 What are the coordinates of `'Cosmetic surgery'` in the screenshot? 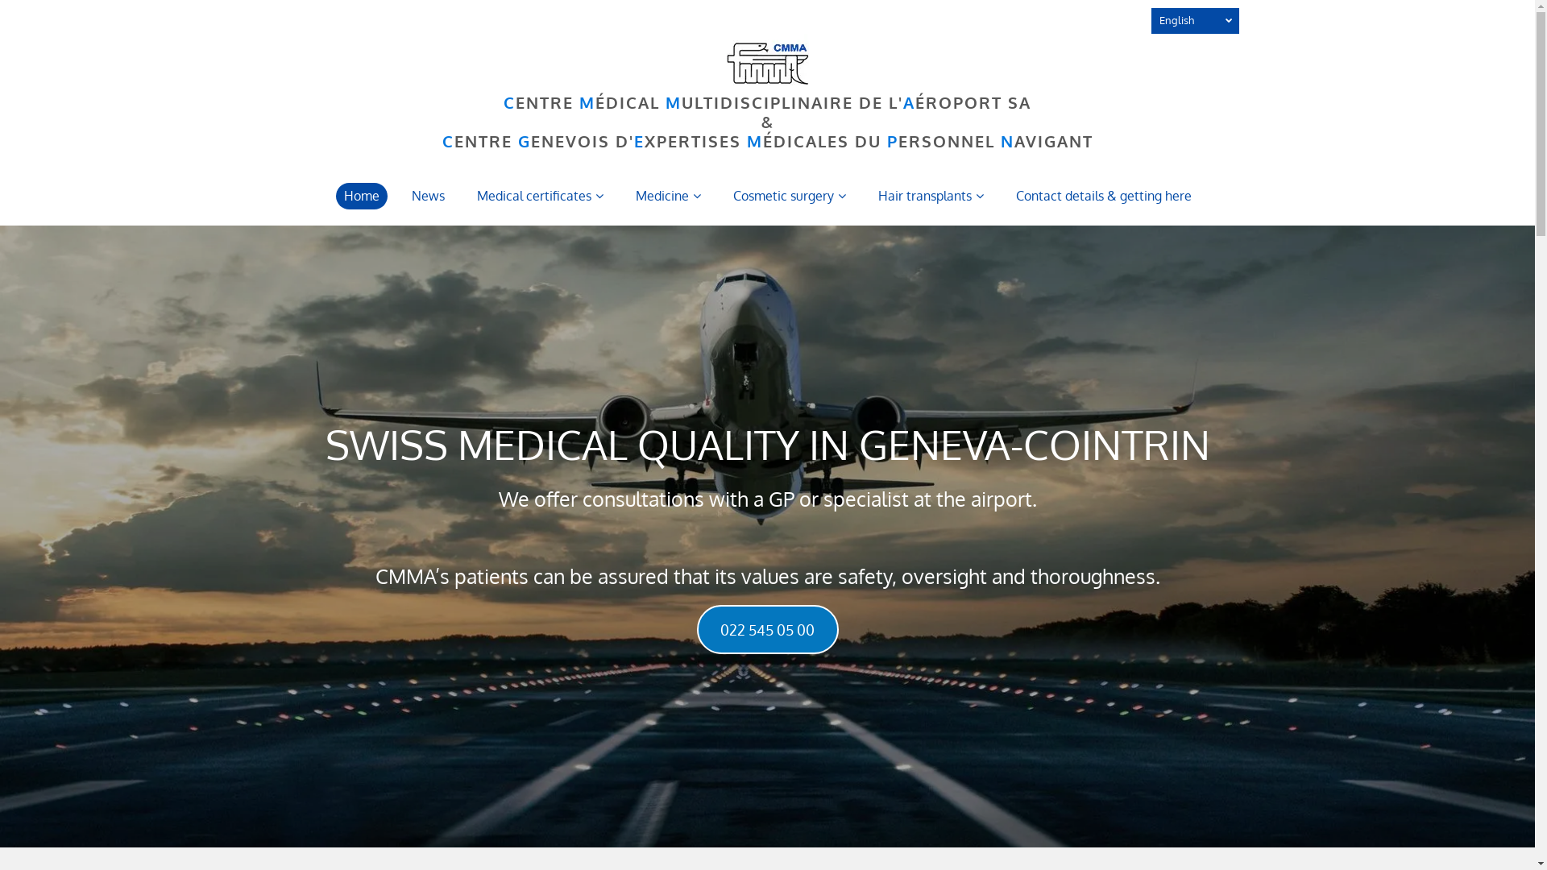 It's located at (789, 195).